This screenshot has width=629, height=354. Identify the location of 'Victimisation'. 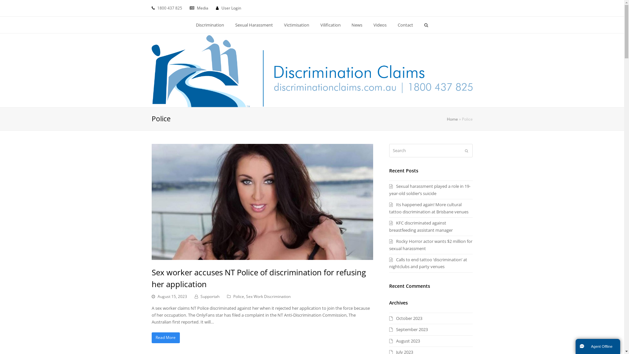
(296, 25).